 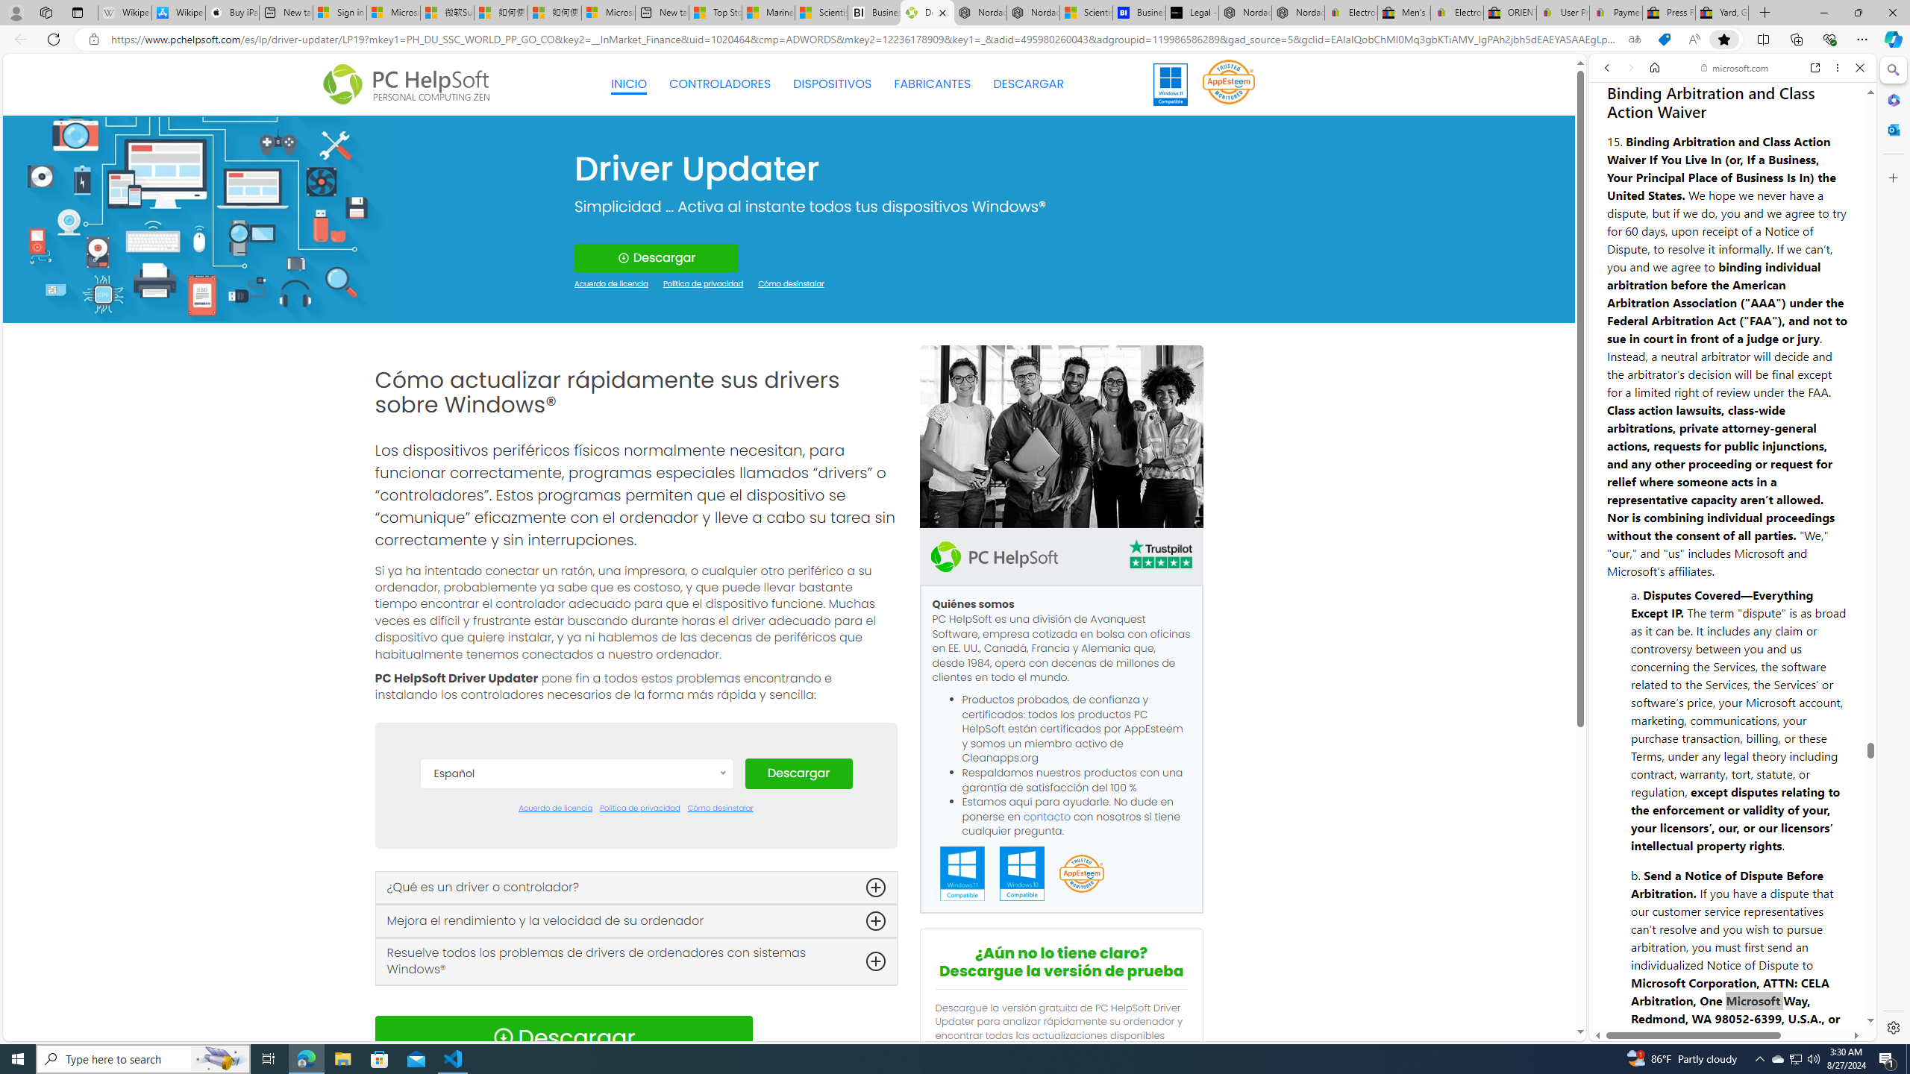 I want to click on 'Windows 11 Compatible', so click(x=962, y=873).